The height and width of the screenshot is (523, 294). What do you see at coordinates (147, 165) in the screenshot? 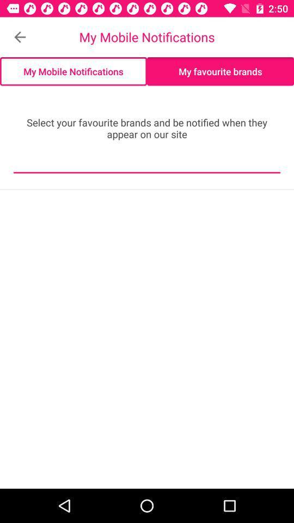
I see `the icon below select your favourite` at bounding box center [147, 165].